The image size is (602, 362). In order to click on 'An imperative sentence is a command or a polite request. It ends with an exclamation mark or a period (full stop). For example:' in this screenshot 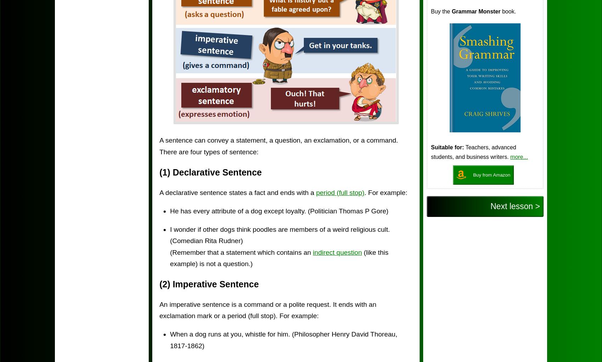, I will do `click(267, 310)`.